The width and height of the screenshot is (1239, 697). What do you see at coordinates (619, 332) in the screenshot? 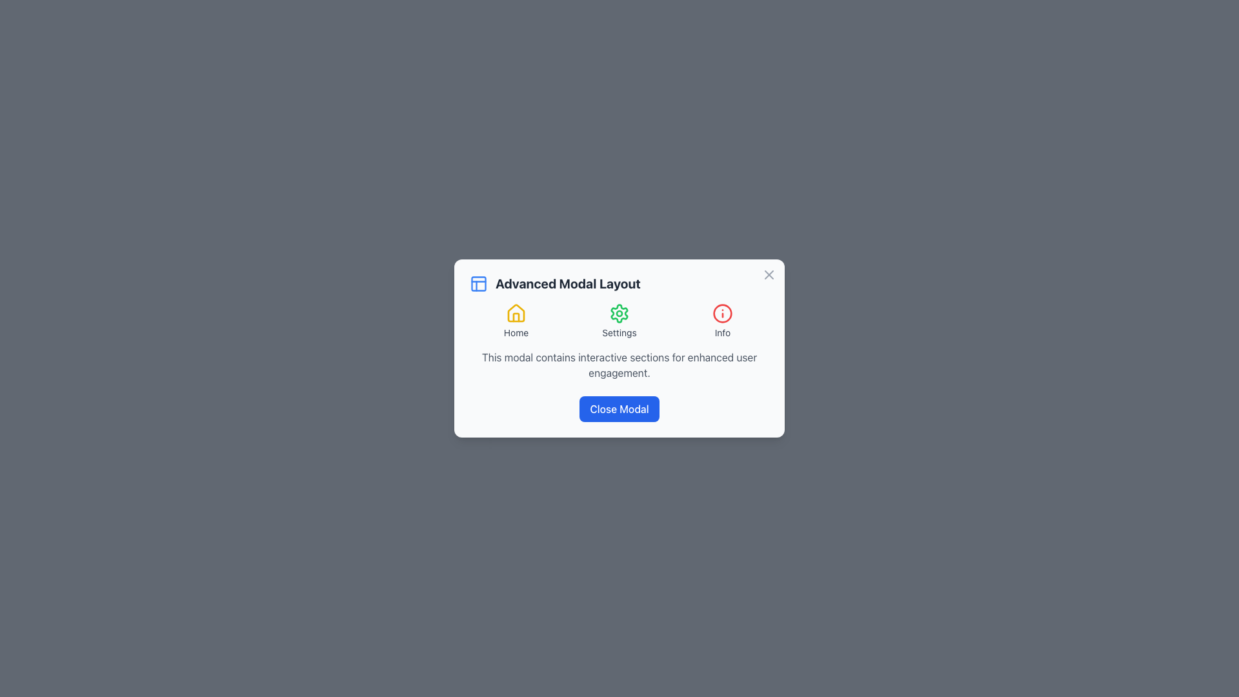
I see `the 'Settings' label located directly underneath the green gear icon in the modal interface for accessibility tools` at bounding box center [619, 332].